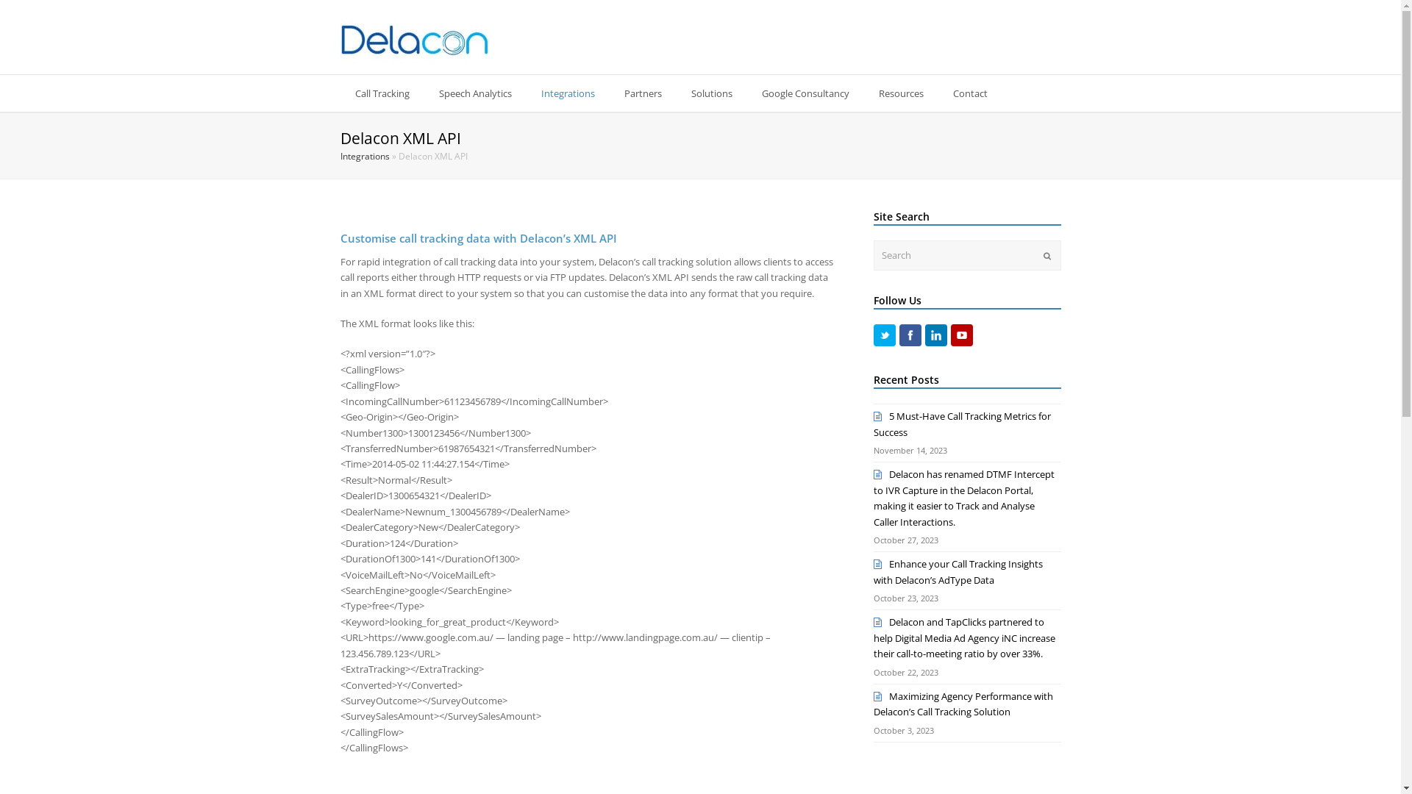 The width and height of the screenshot is (1412, 794). Describe the element at coordinates (1045, 254) in the screenshot. I see `'Submit'` at that location.